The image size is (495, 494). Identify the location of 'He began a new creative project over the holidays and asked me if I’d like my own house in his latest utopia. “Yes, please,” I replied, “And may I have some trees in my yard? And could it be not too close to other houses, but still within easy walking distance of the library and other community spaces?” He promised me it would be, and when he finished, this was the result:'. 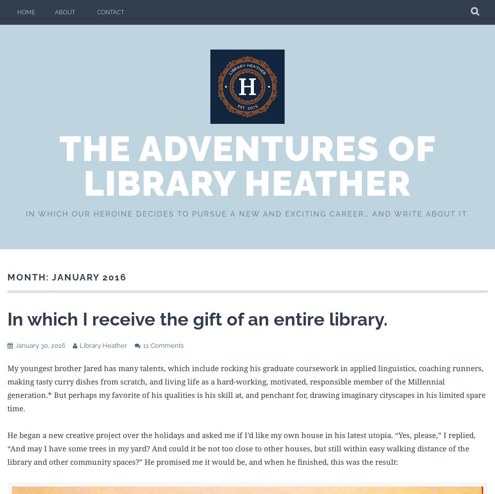
(241, 447).